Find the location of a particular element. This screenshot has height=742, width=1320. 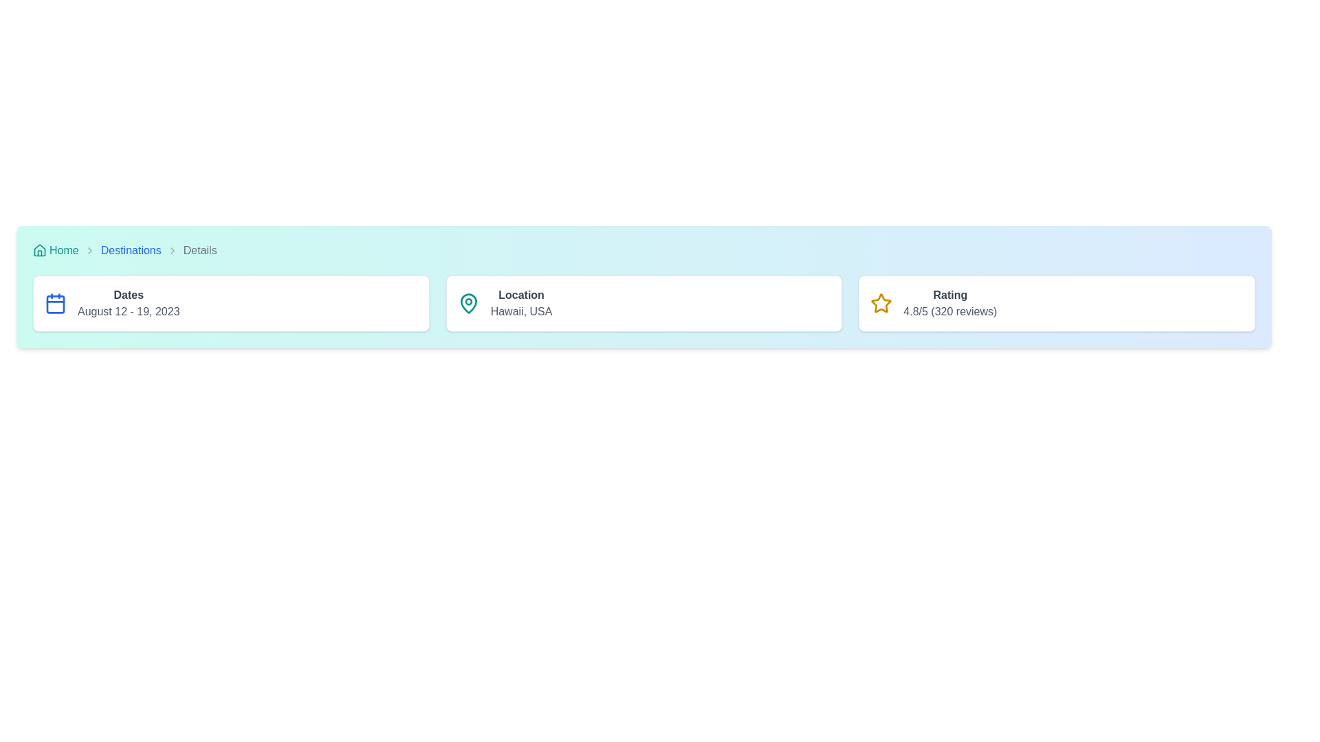

the blue calendar icon located at the upper-left corner of the 'Dates August 12 - 19, 2023' card for interaction, if enabled is located at coordinates (55, 303).